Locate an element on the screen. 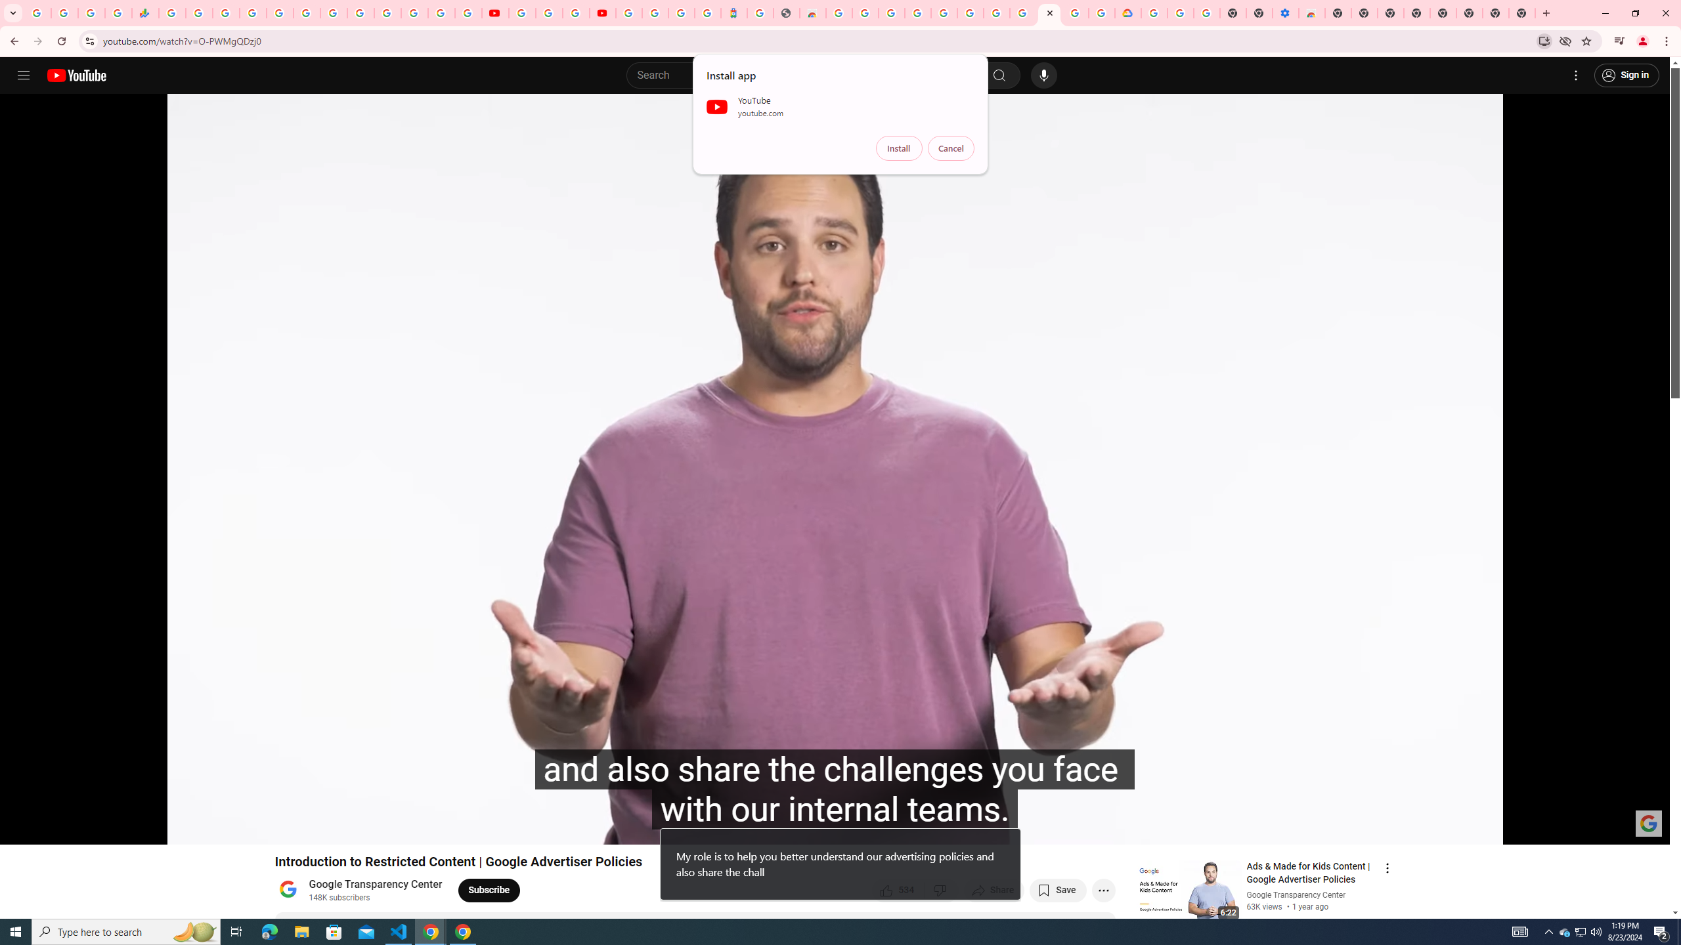 The image size is (1681, 945). 'YouTube' is located at coordinates (521, 12).